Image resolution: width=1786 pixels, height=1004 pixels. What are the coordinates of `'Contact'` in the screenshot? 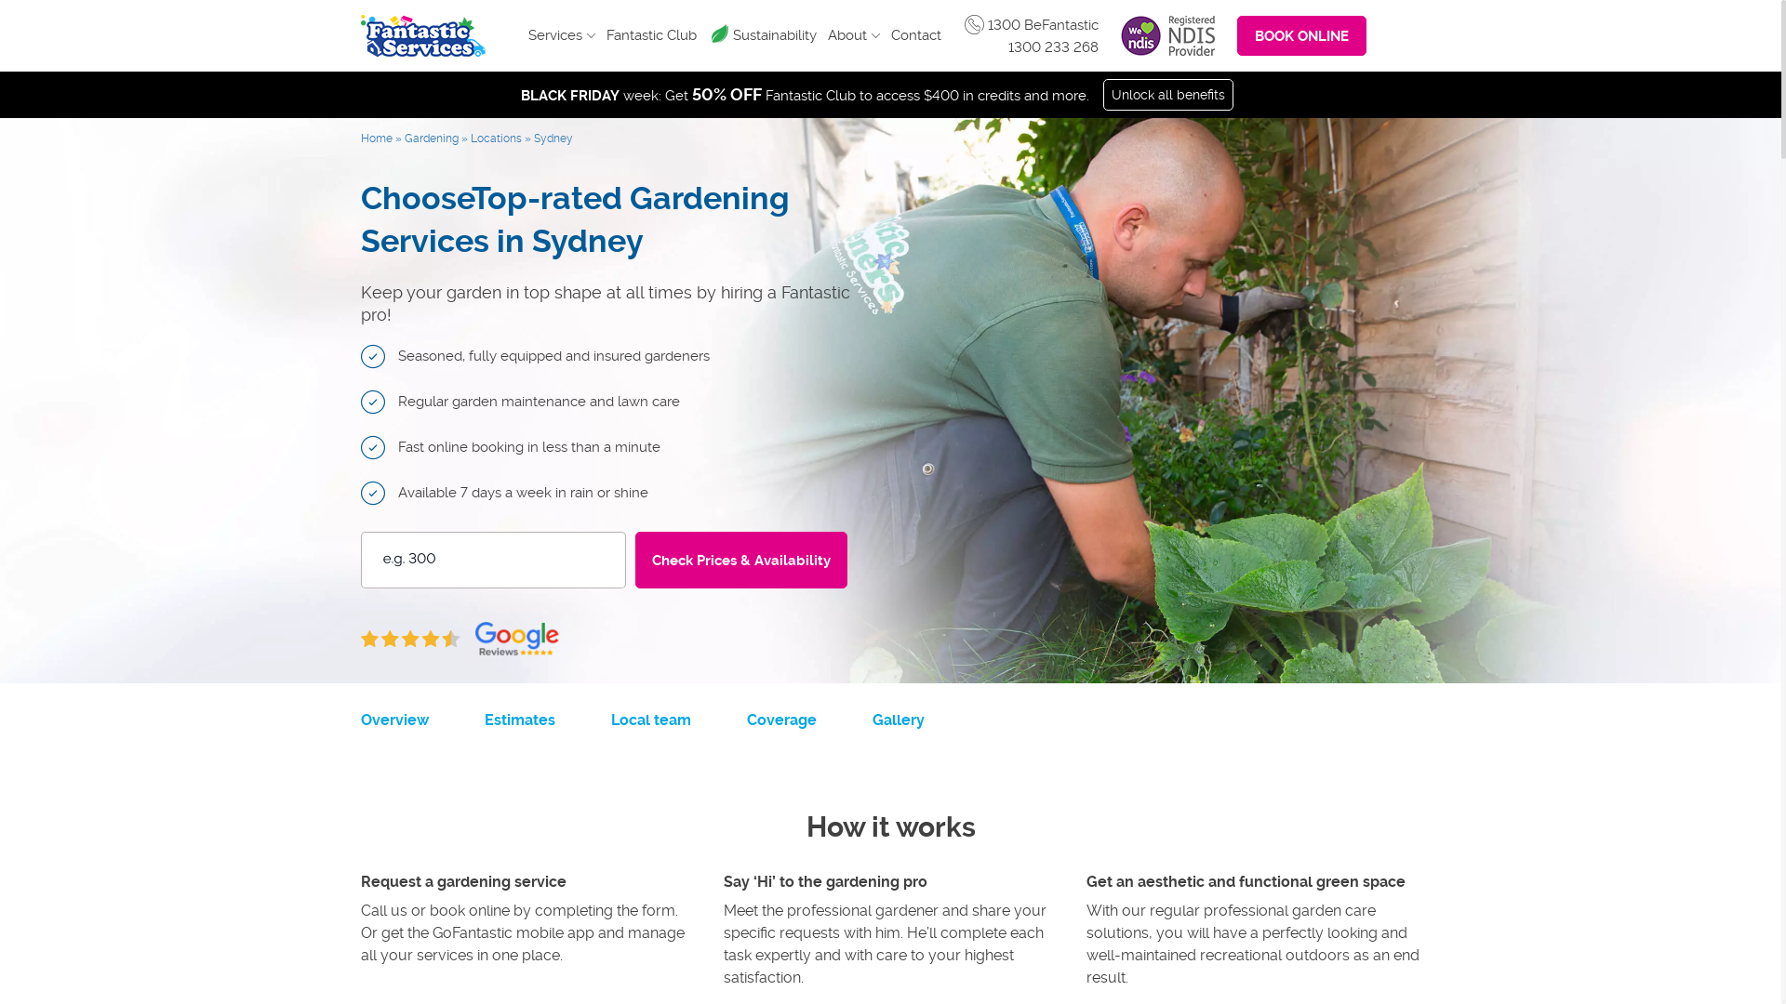 It's located at (915, 35).